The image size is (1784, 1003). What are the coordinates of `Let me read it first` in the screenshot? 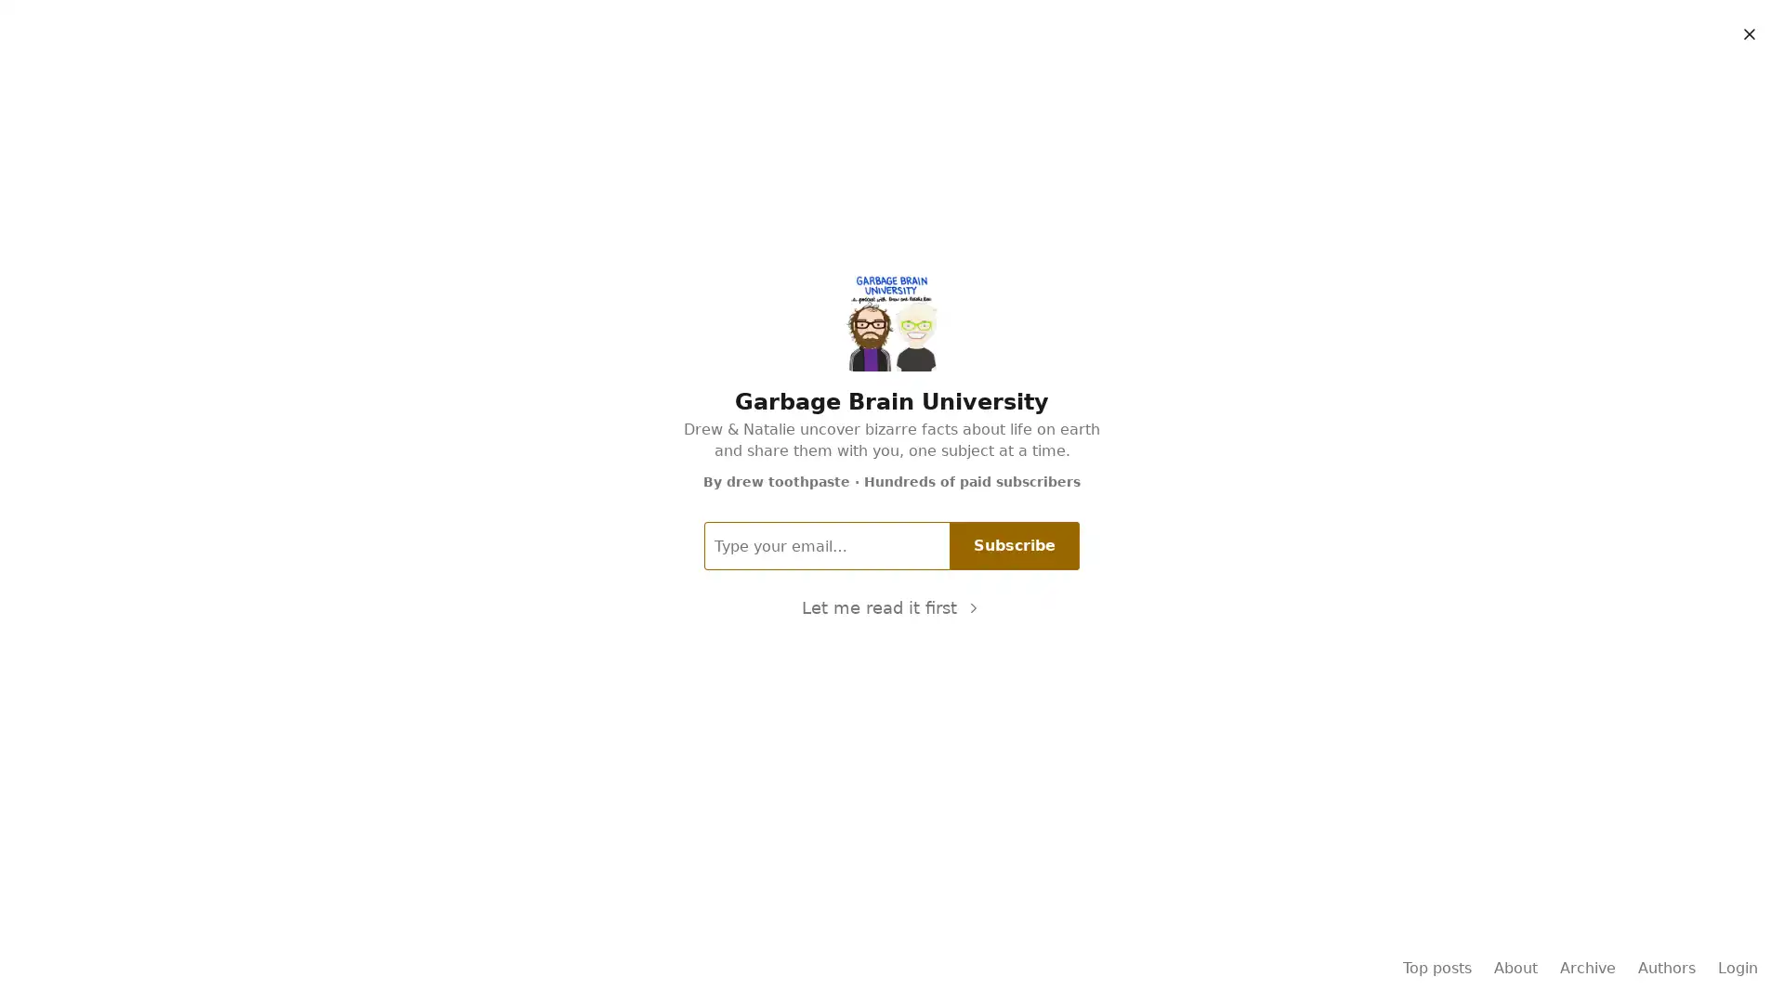 It's located at (890, 608).